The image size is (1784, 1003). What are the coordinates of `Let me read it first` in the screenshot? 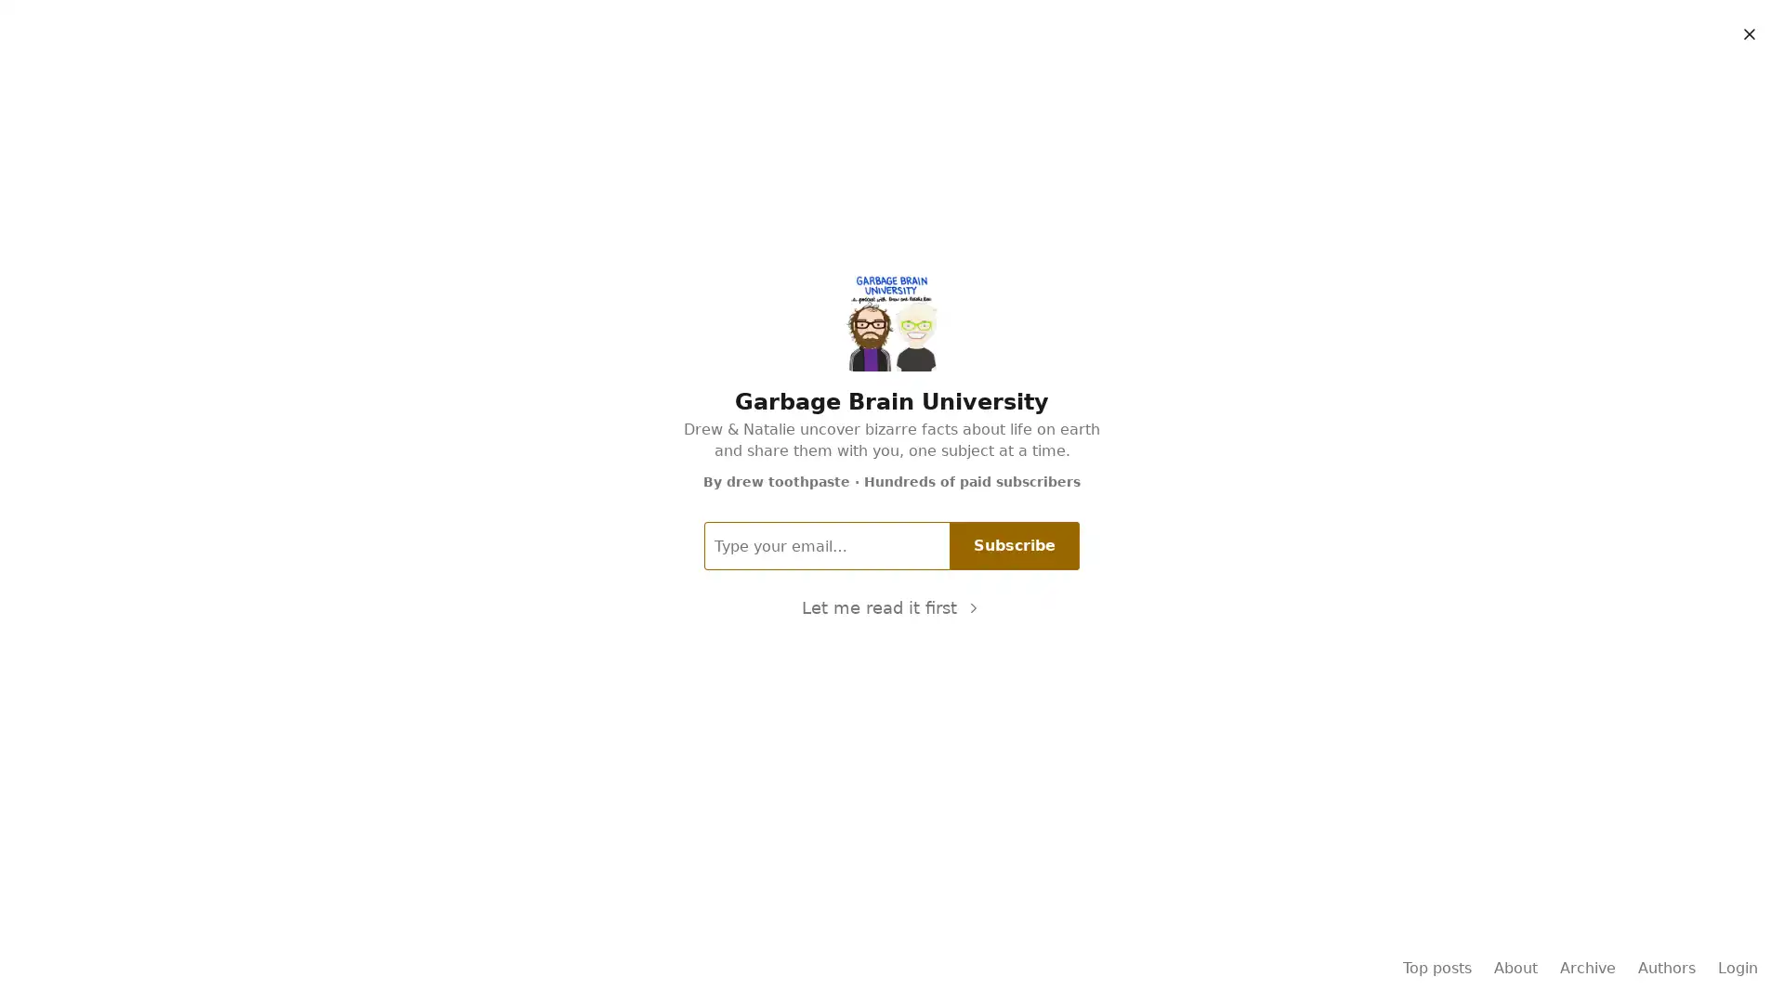 It's located at (890, 608).